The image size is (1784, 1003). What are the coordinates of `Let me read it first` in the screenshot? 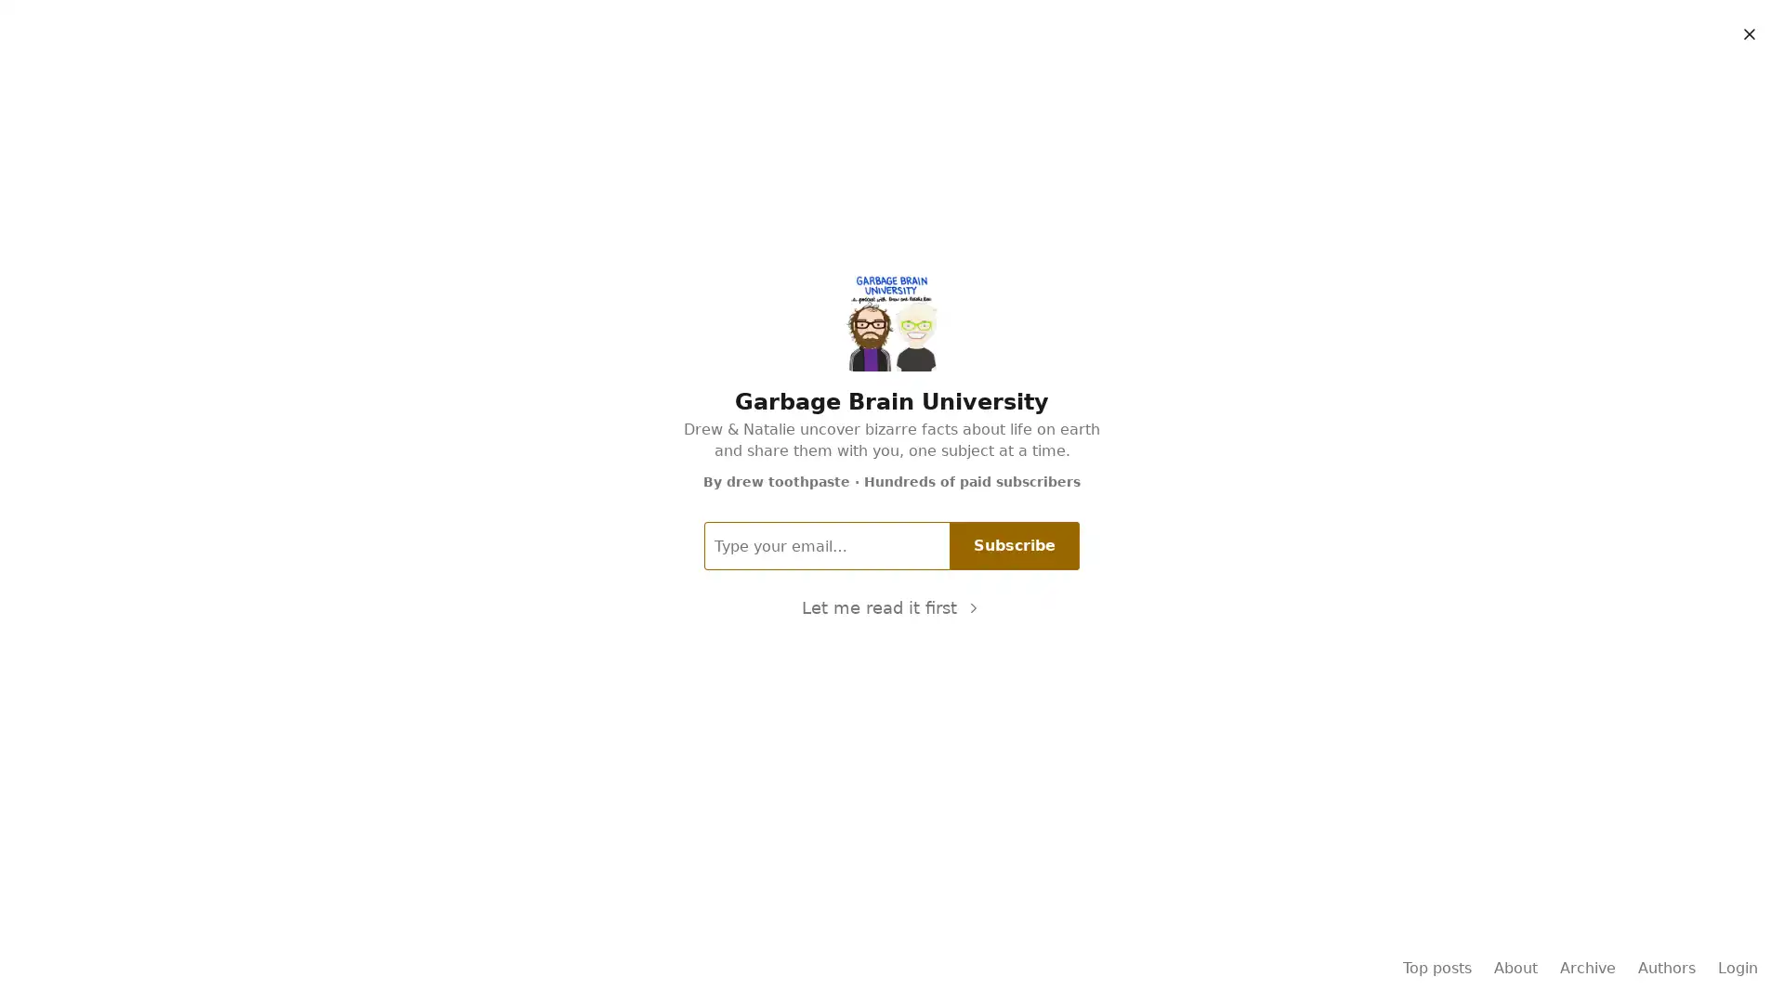 It's located at (890, 608).